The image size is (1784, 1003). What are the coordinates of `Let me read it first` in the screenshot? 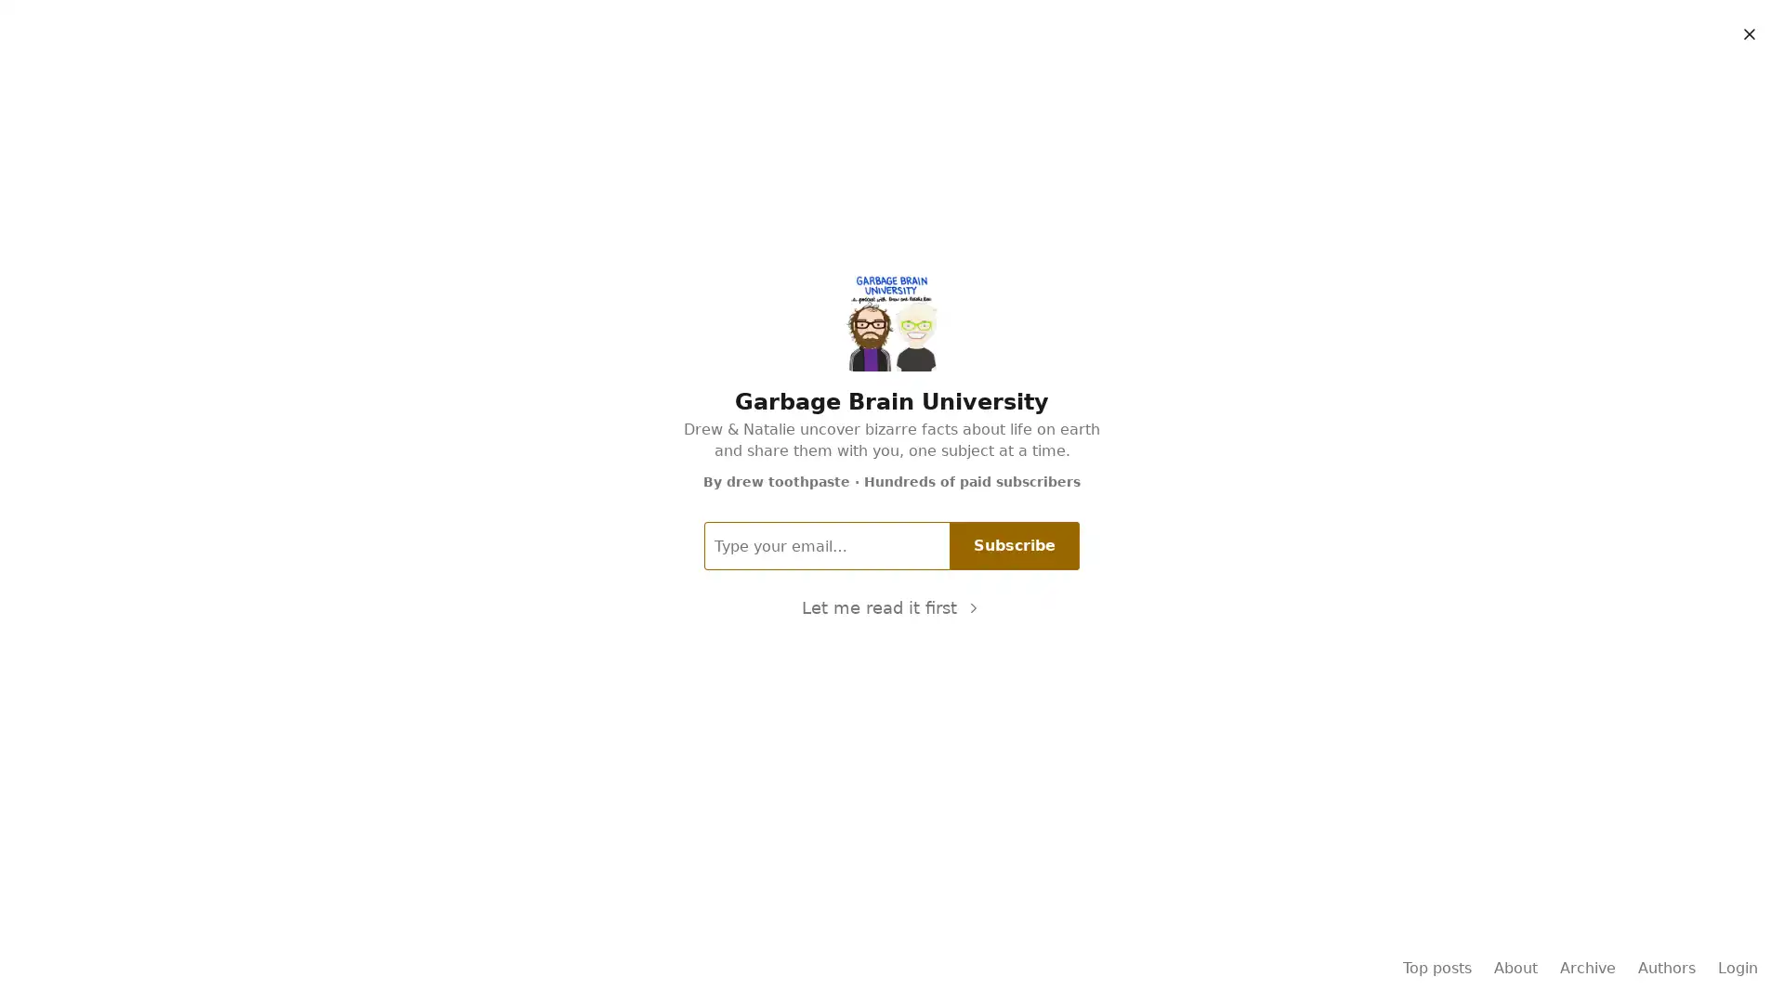 It's located at (890, 608).